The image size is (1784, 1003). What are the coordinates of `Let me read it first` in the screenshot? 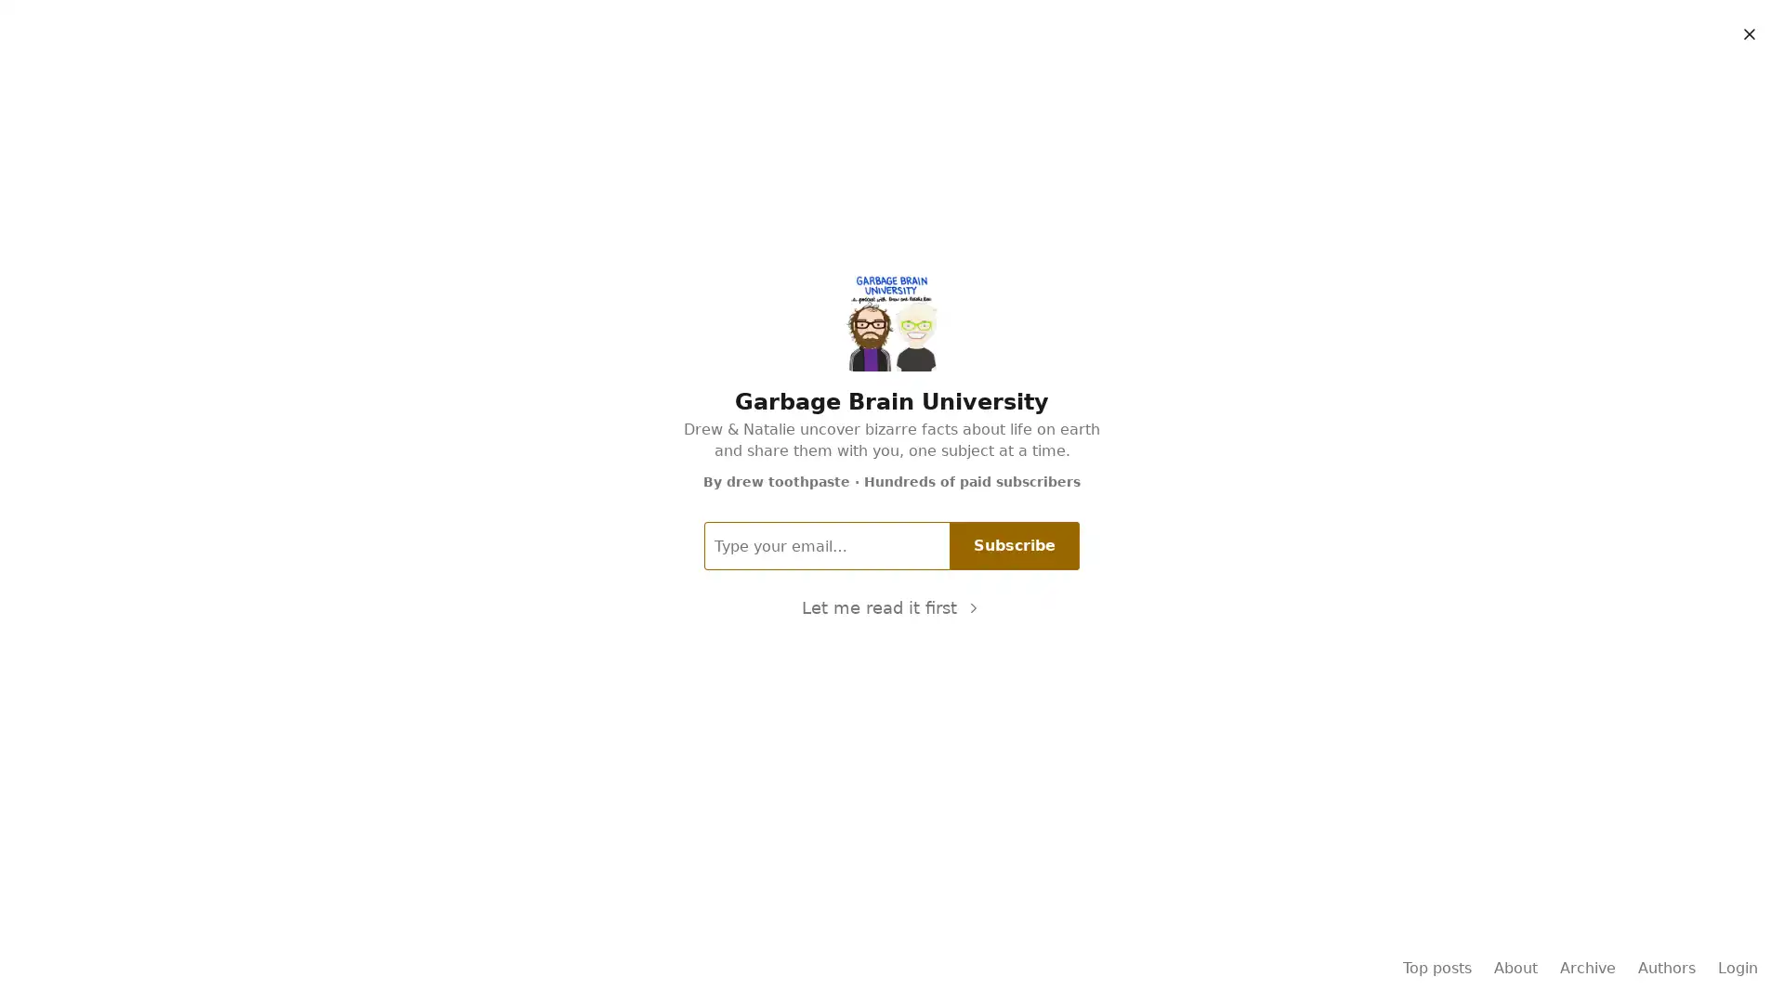 It's located at (890, 608).